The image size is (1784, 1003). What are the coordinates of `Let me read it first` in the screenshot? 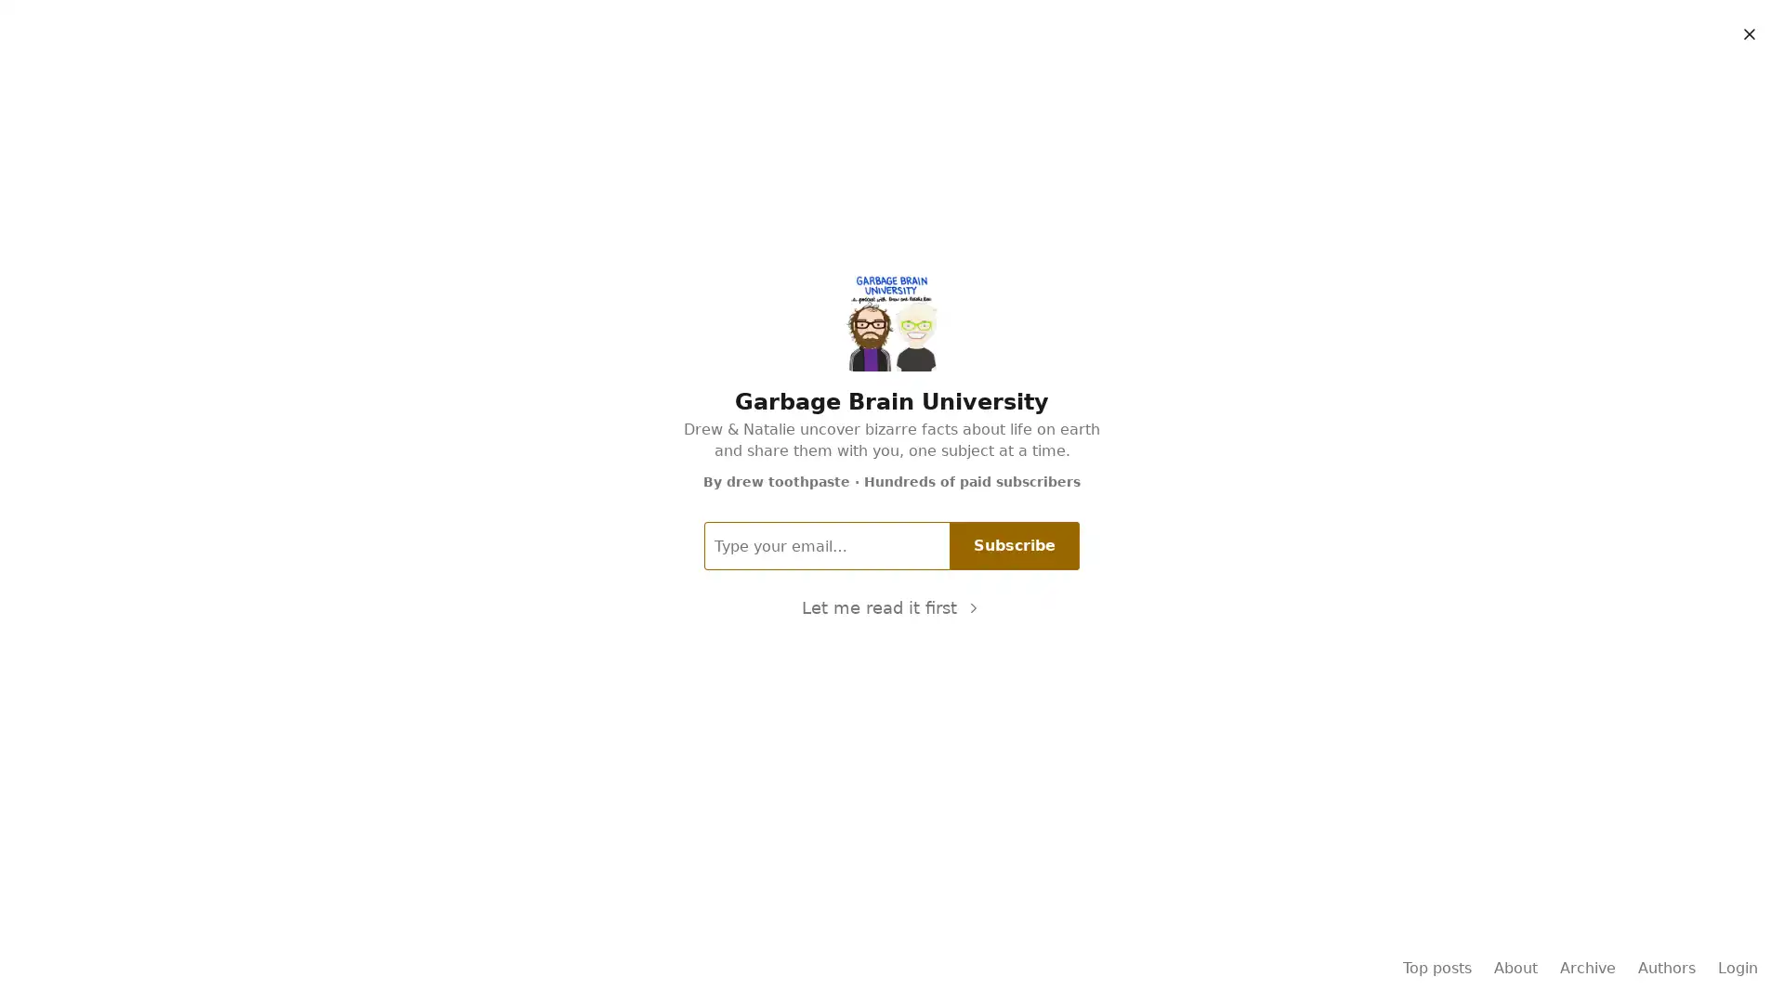 It's located at (890, 608).